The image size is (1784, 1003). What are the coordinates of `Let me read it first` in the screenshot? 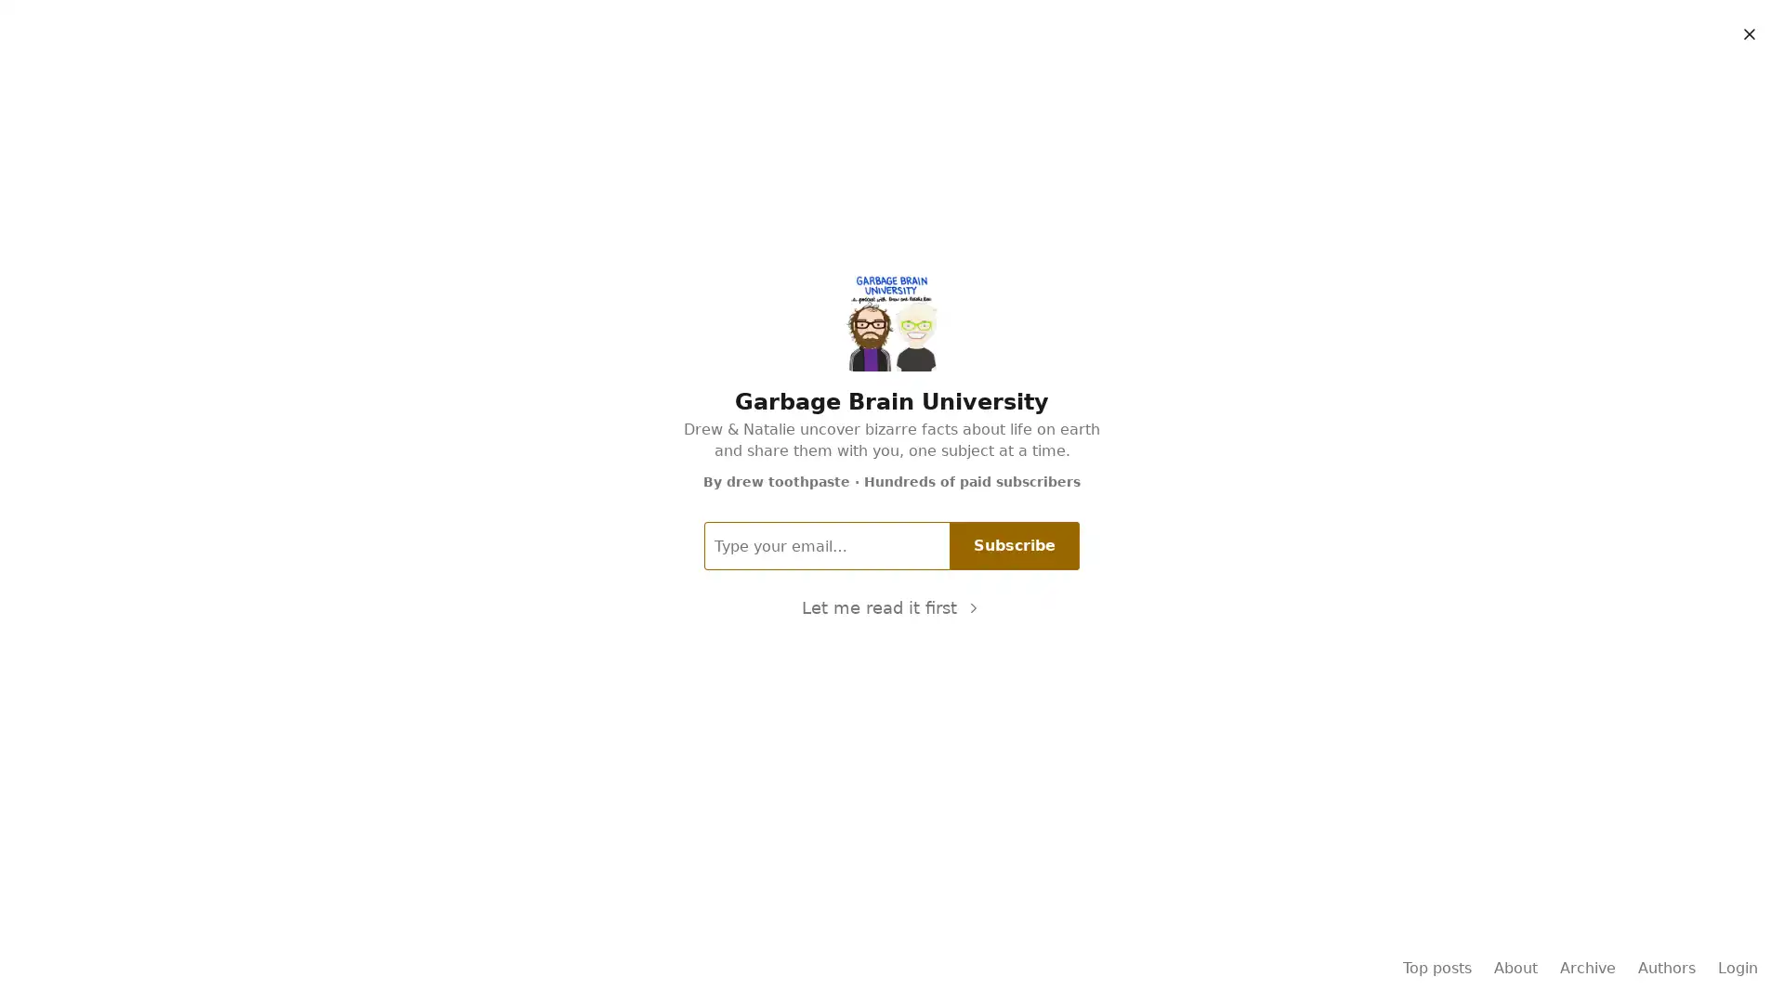 It's located at (890, 608).